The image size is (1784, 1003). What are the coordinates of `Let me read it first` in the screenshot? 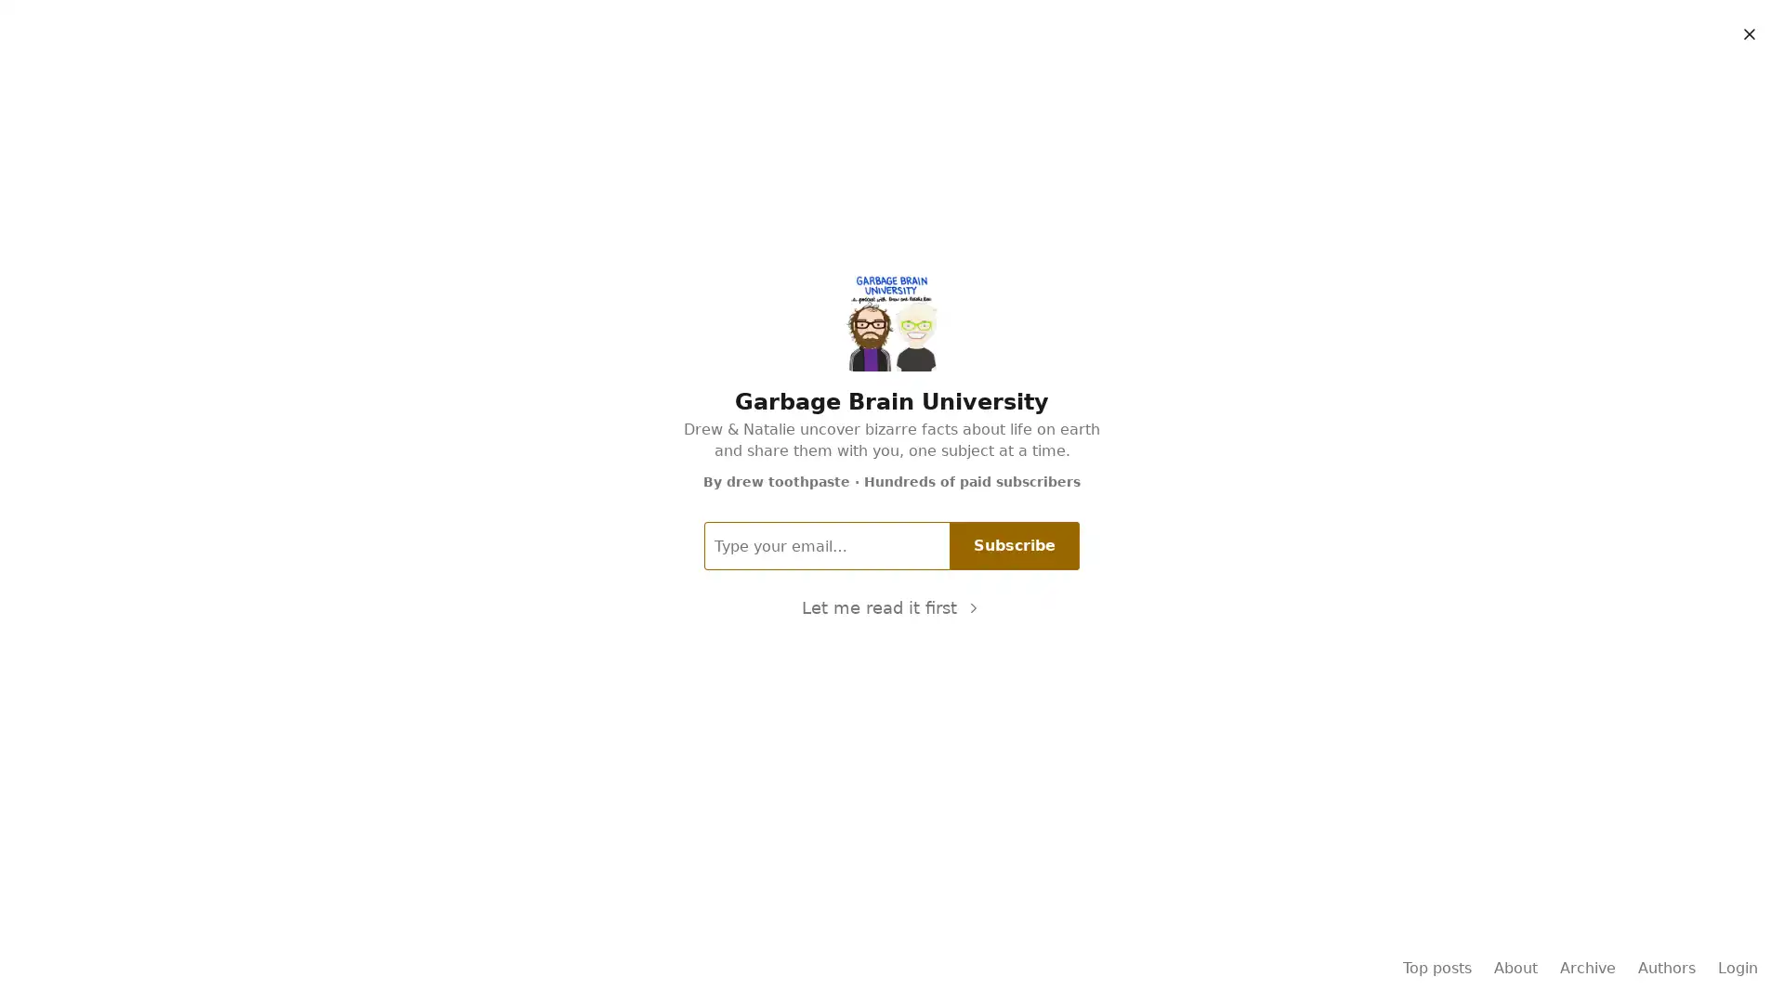 It's located at (890, 608).